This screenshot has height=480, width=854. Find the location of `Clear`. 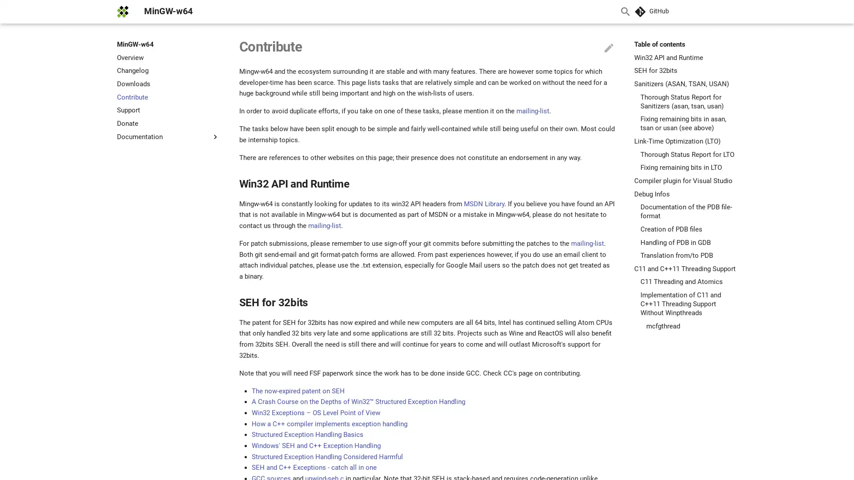

Clear is located at coordinates (604, 12).